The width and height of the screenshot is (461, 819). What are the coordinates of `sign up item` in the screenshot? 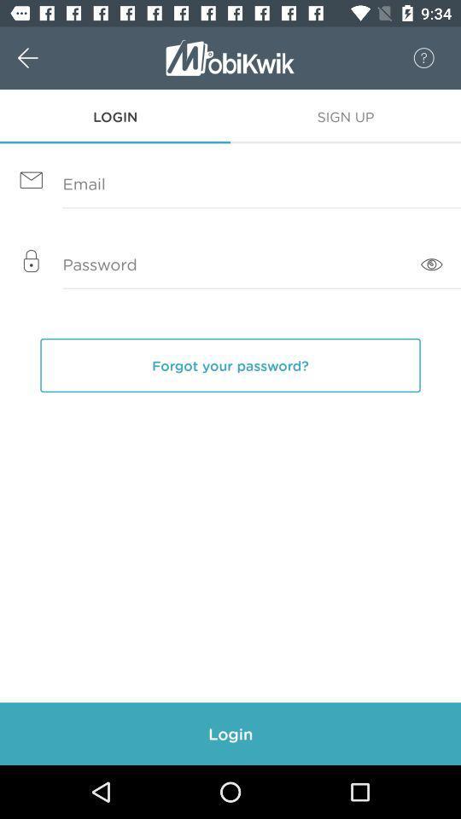 It's located at (346, 115).